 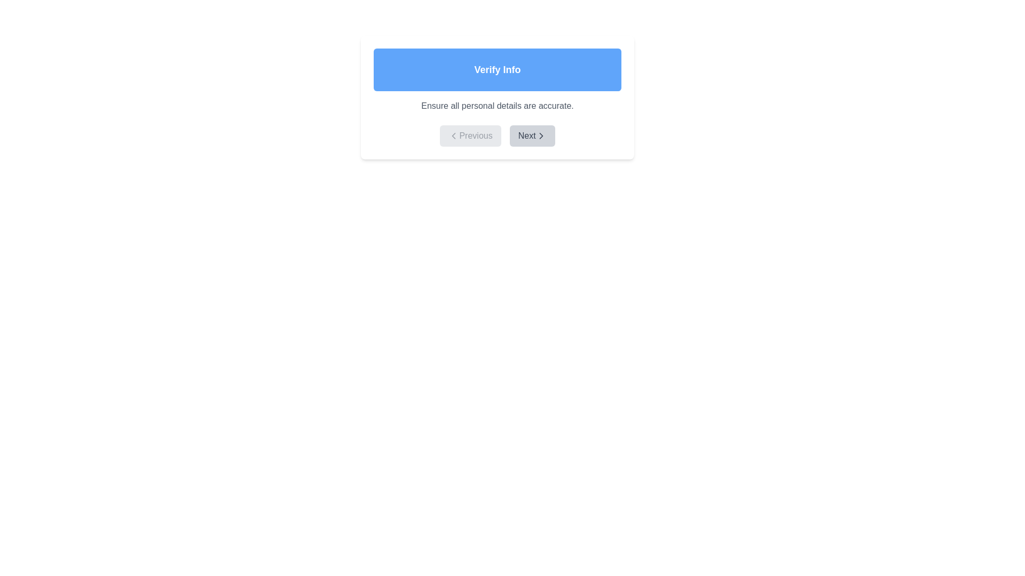 What do you see at coordinates (454, 135) in the screenshot?
I see `the 'Previous' button located below the 'Verify Info' heading` at bounding box center [454, 135].